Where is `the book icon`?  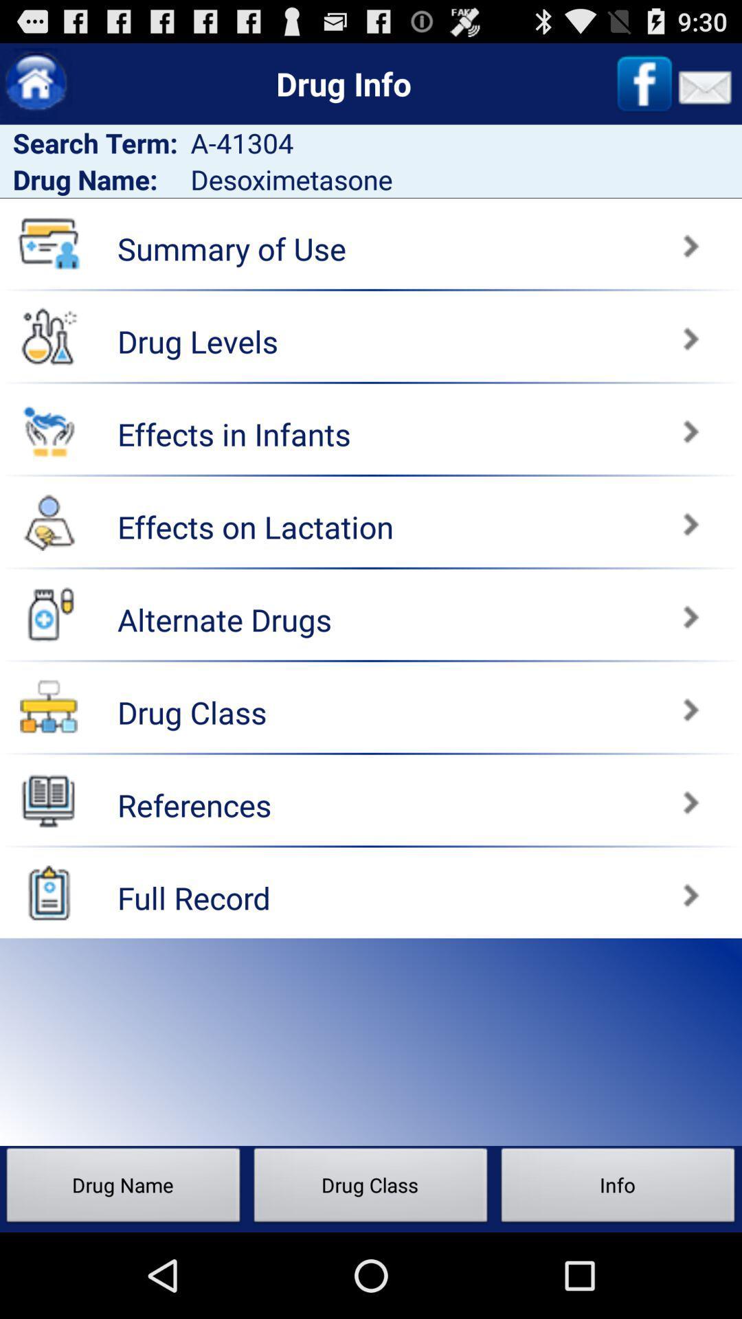
the book icon is located at coordinates (48, 855).